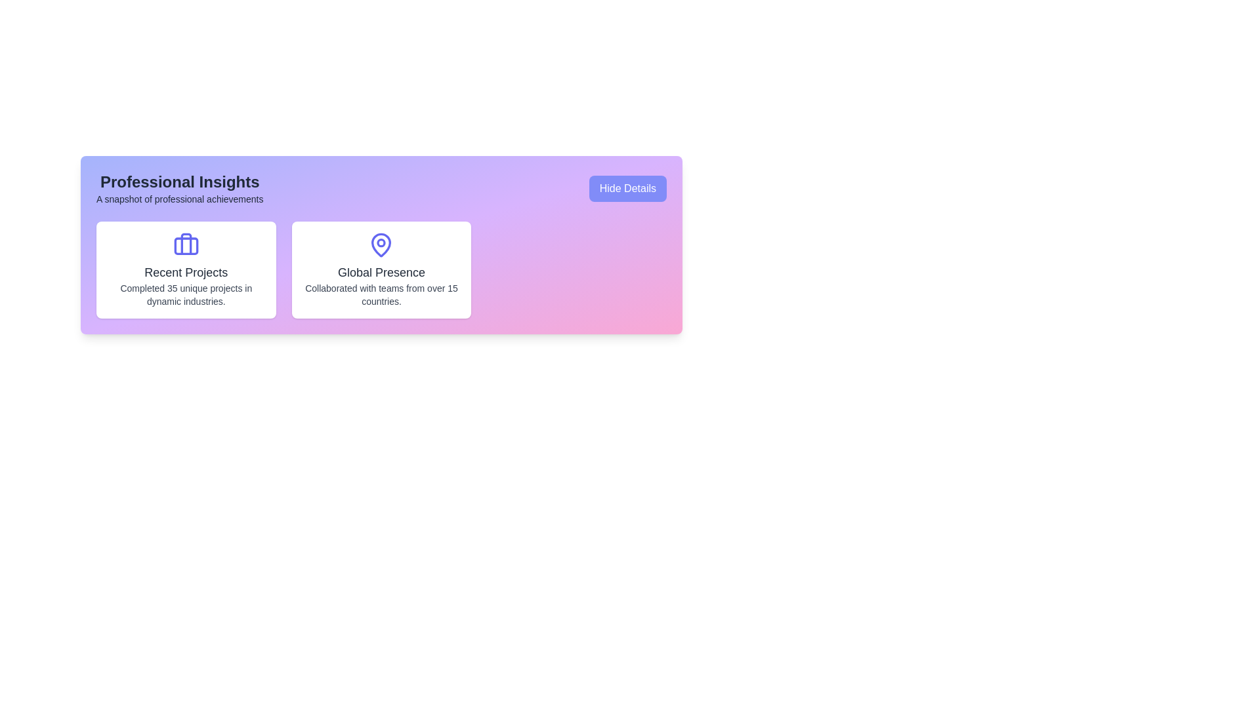 Image resolution: width=1260 pixels, height=708 pixels. Describe the element at coordinates (179, 189) in the screenshot. I see `the Text block that contains the title 'Professional Insights' and subtitle 'A snapshot of professional achievements'` at that location.